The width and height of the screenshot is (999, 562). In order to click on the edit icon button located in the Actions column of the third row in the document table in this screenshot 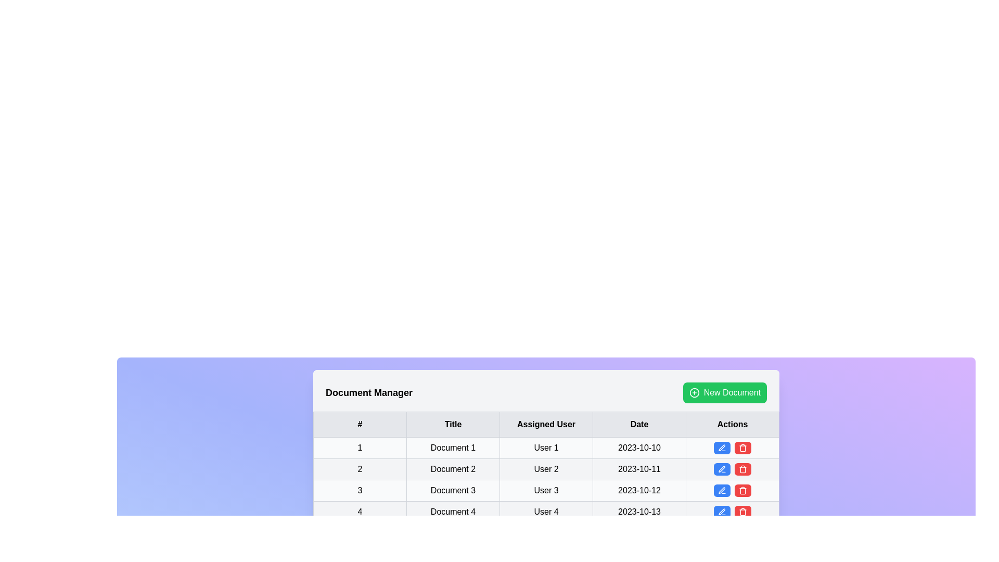, I will do `click(721, 490)`.